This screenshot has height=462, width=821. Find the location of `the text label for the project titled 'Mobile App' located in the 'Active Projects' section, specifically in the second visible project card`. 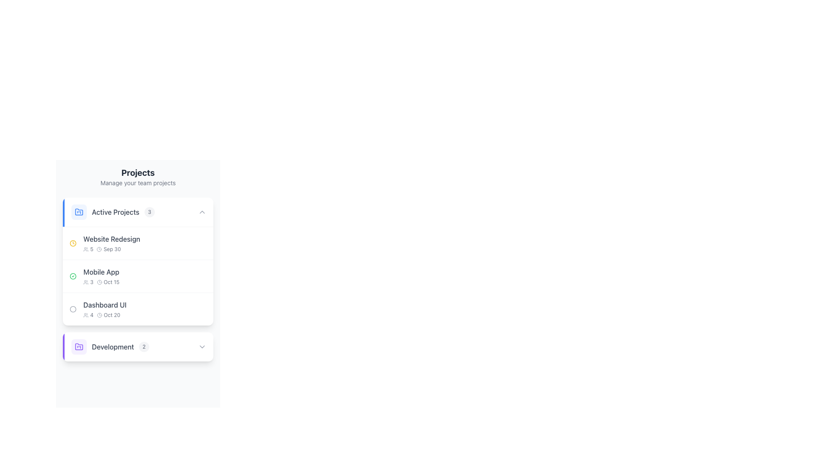

the text label for the project titled 'Mobile App' located in the 'Active Projects' section, specifically in the second visible project card is located at coordinates (101, 272).